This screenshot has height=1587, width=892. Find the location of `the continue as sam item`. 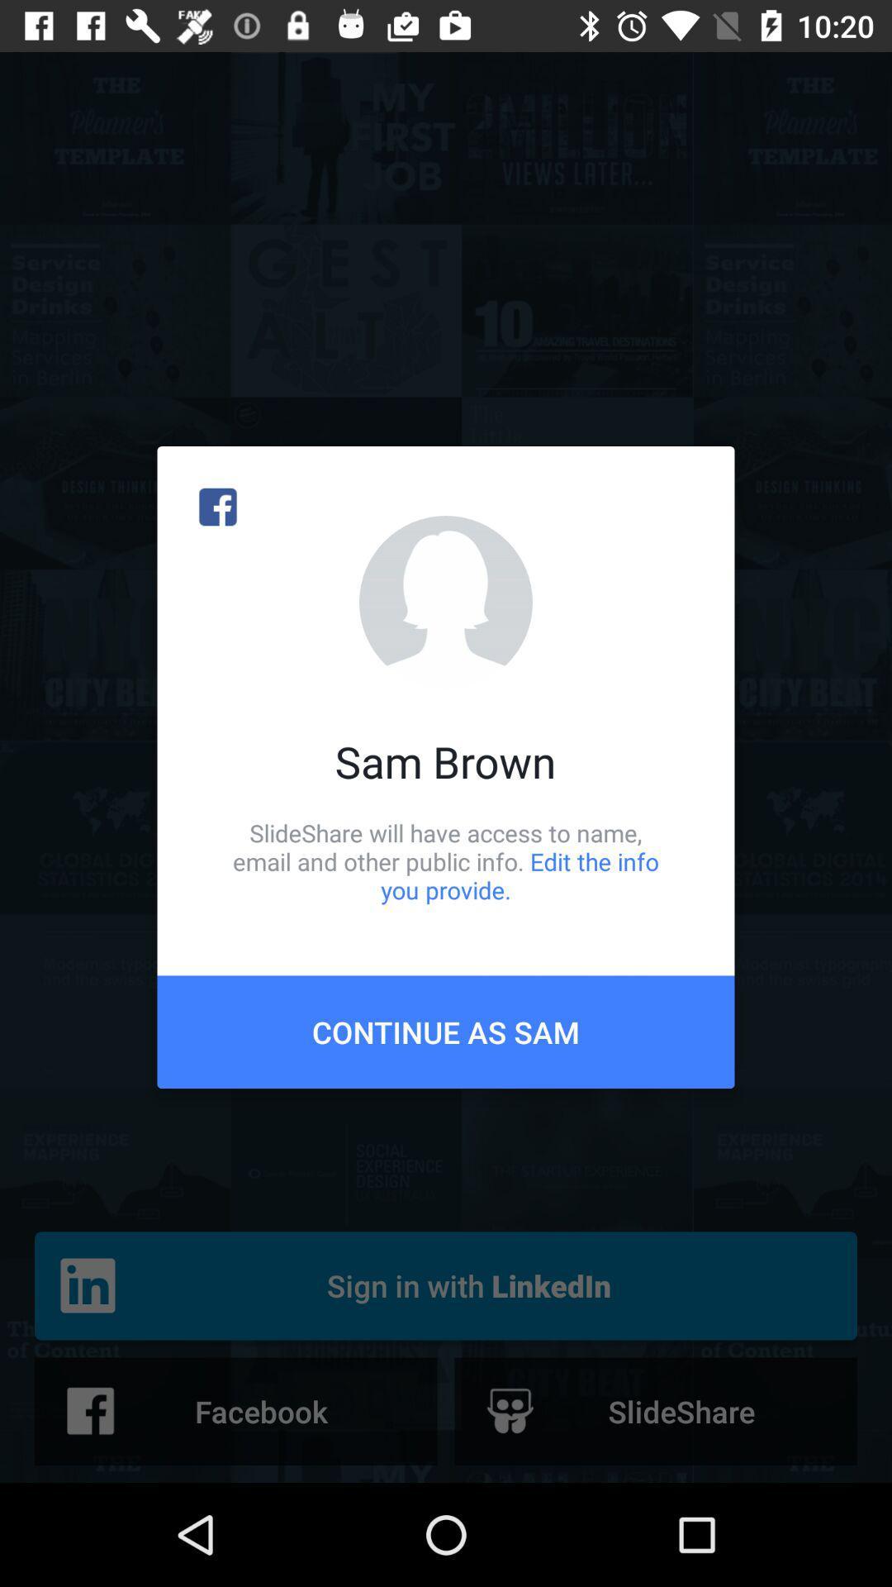

the continue as sam item is located at coordinates (446, 1031).